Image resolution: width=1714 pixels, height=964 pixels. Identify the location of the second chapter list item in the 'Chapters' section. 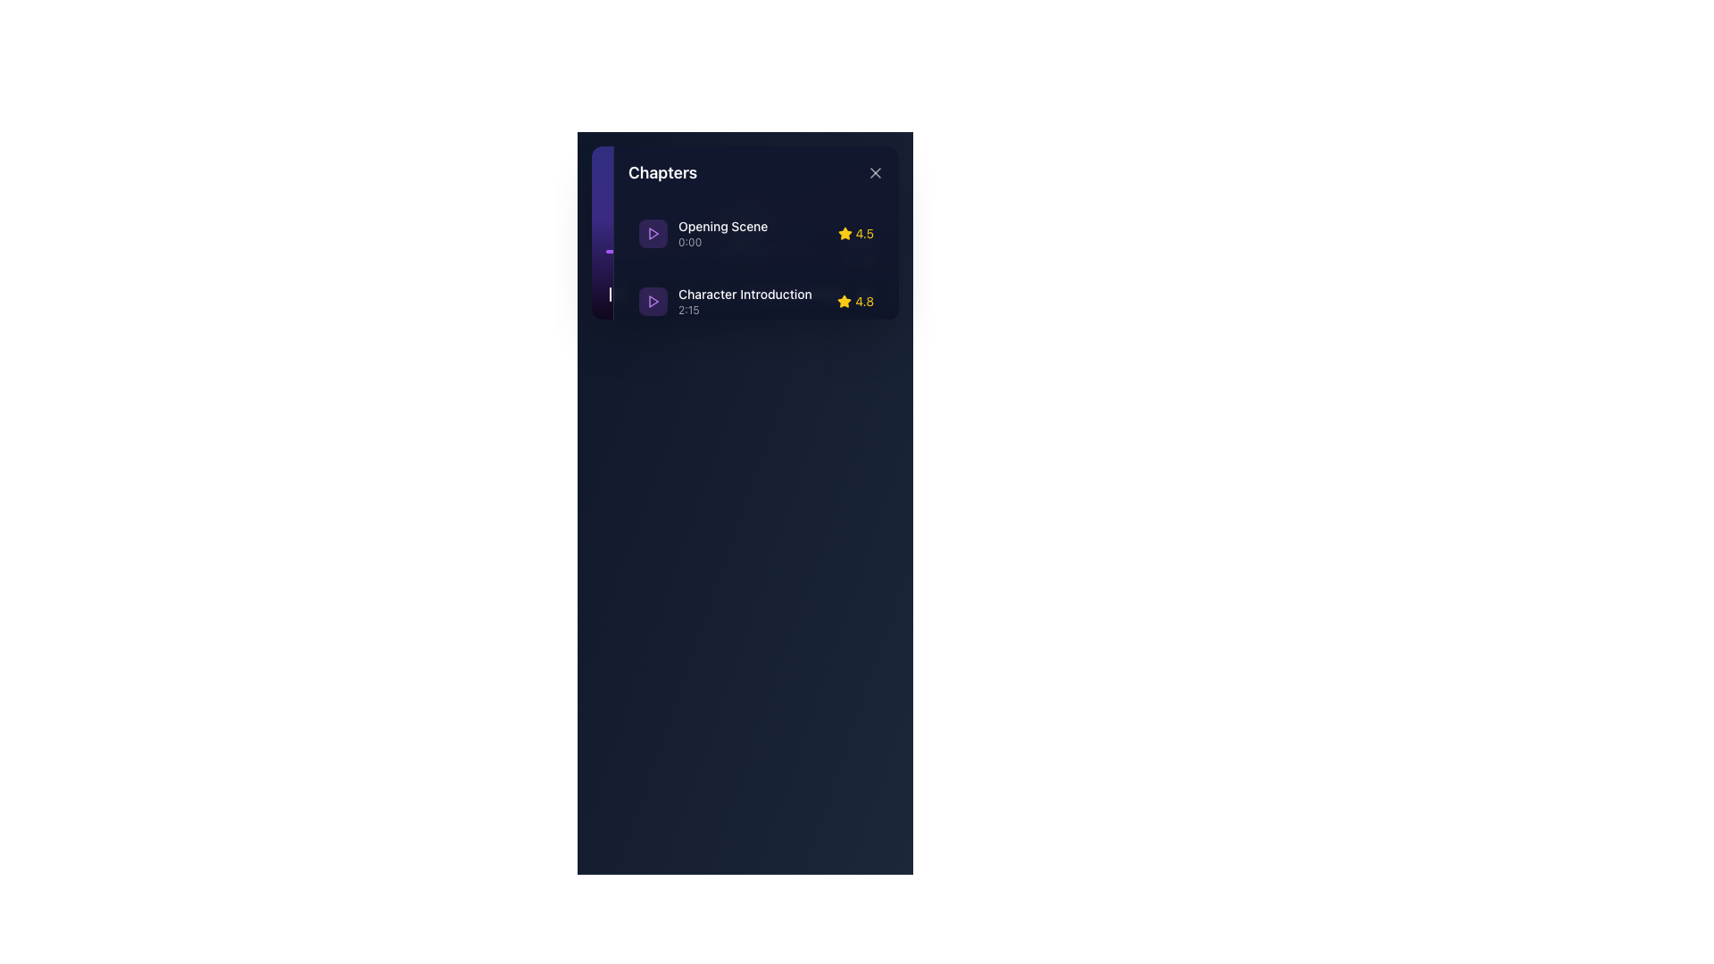
(725, 301).